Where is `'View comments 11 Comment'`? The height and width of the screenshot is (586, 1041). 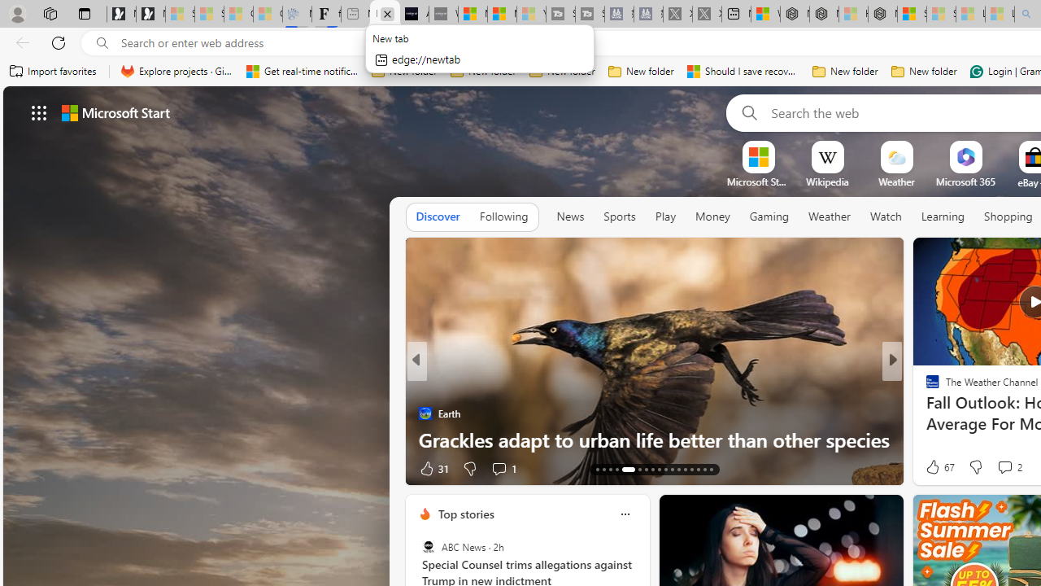
'View comments 11 Comment' is located at coordinates (1011, 468).